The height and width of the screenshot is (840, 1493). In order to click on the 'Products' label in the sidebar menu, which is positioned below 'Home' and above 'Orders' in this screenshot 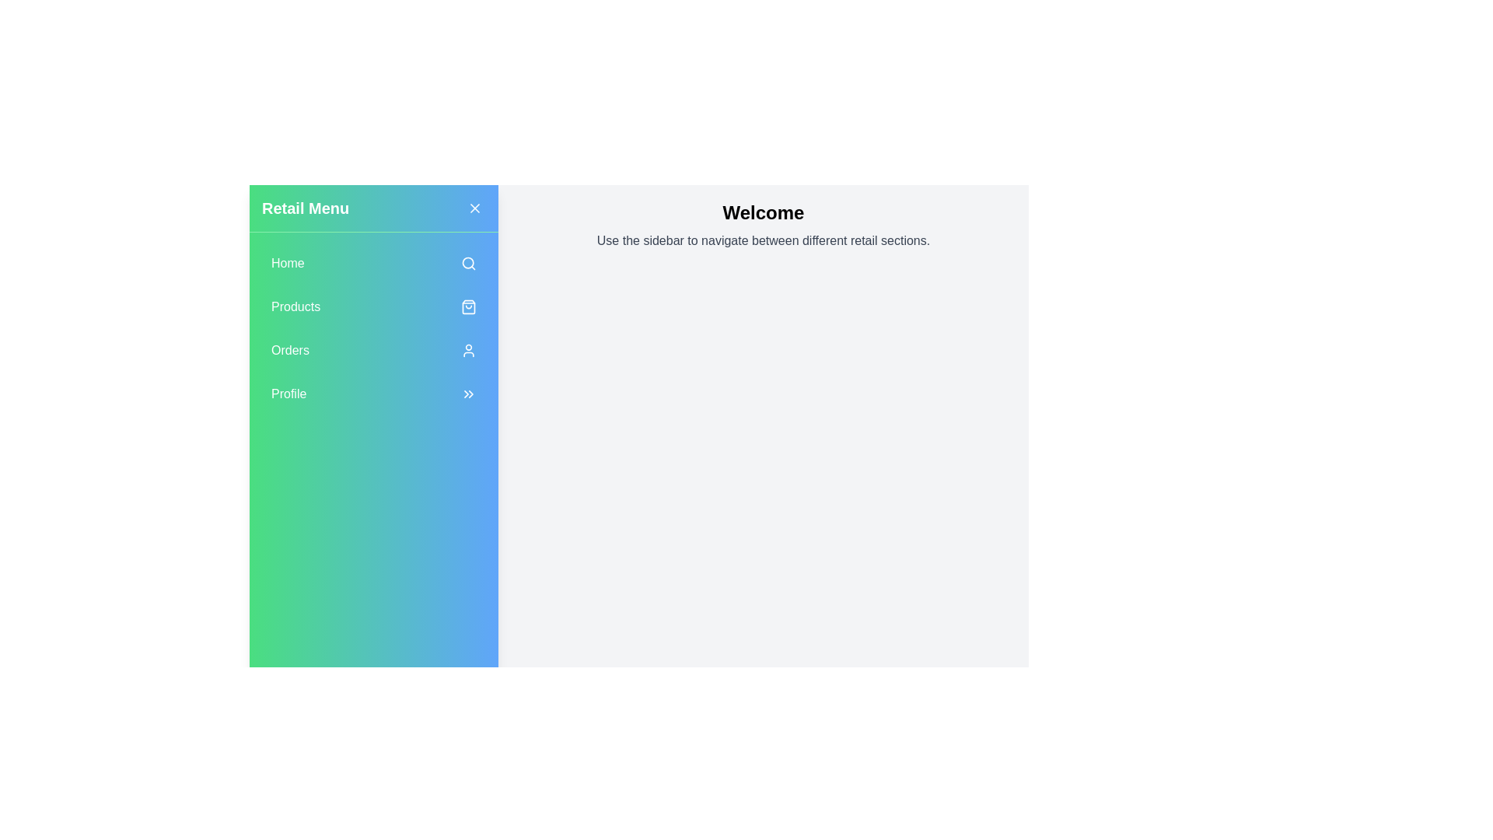, I will do `click(295, 306)`.